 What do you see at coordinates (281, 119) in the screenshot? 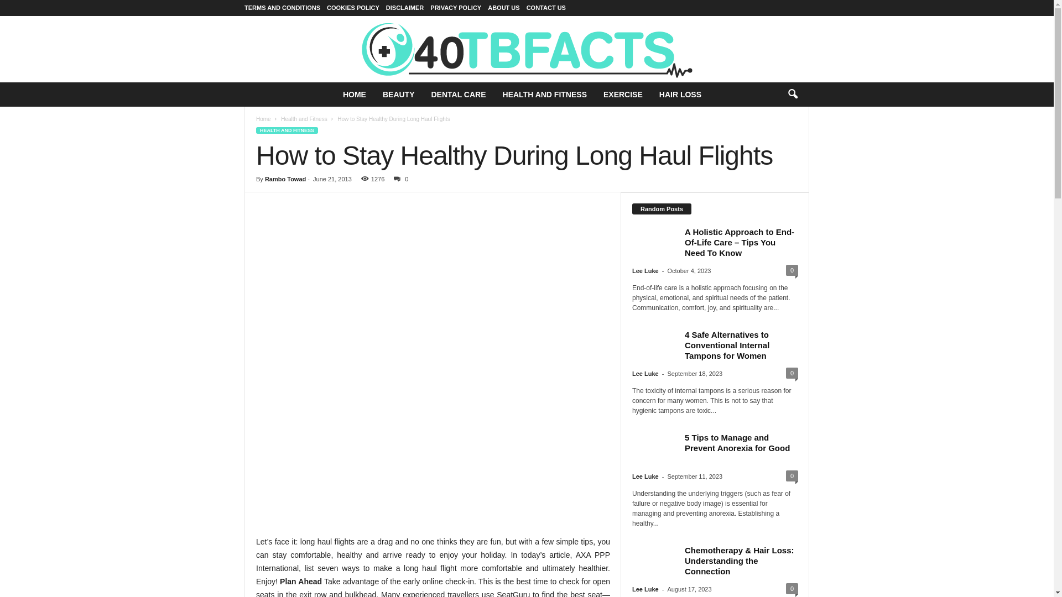
I see `'Health and Fitness'` at bounding box center [281, 119].